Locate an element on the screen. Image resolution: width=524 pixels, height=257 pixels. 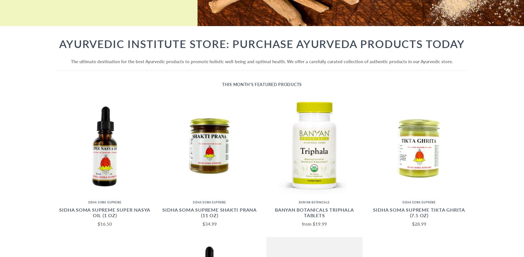
'Banyan Botanicals' is located at coordinates (314, 202).